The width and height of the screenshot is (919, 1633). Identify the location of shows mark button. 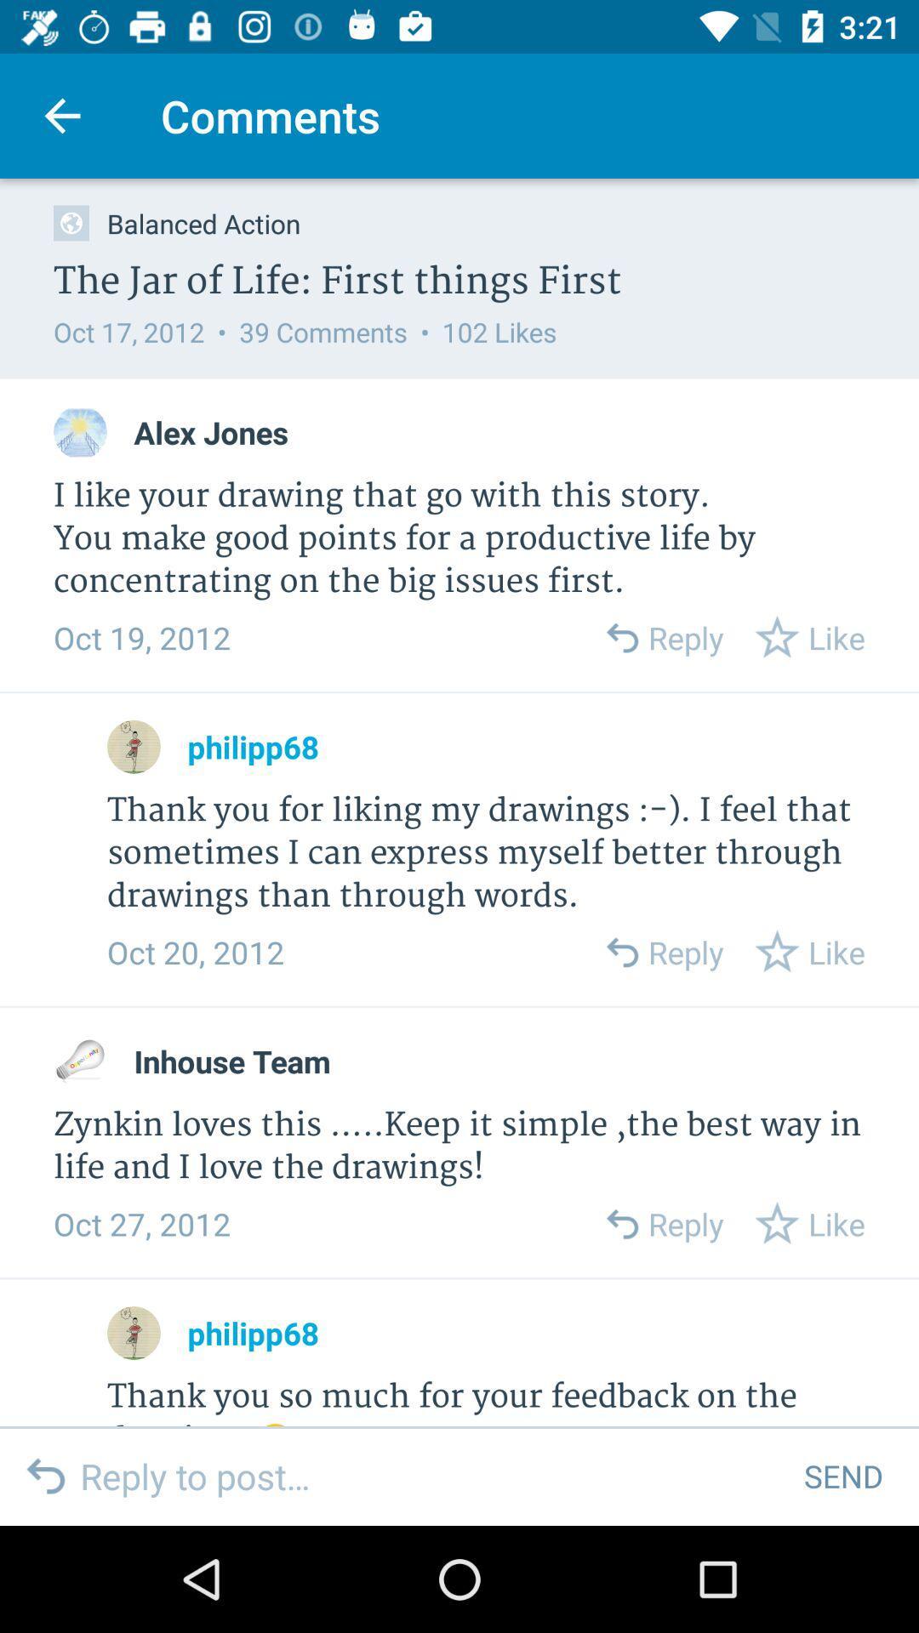
(133, 1332).